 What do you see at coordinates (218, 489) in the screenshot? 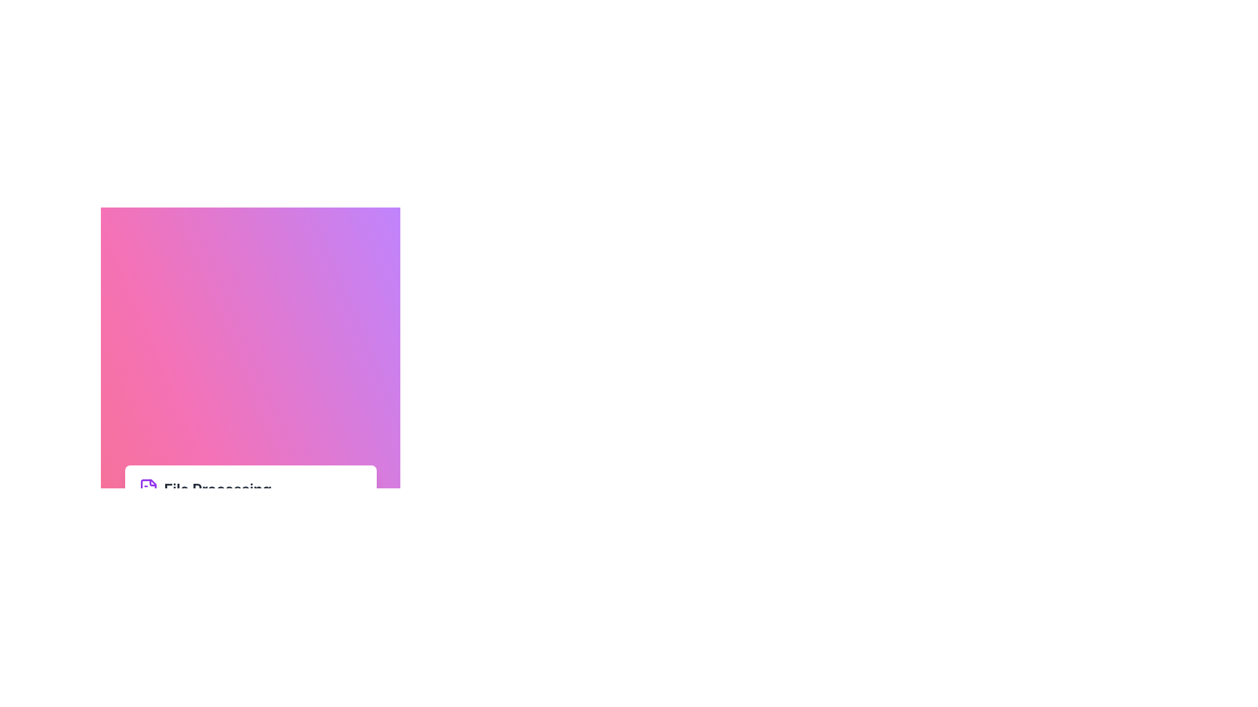
I see `the Text Label that serves as a section title or label, positioned to the right of a purple document icon` at bounding box center [218, 489].